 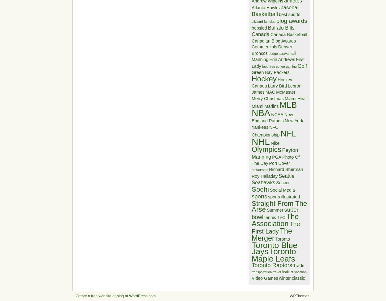 I want to click on 'NHL', so click(x=260, y=141).